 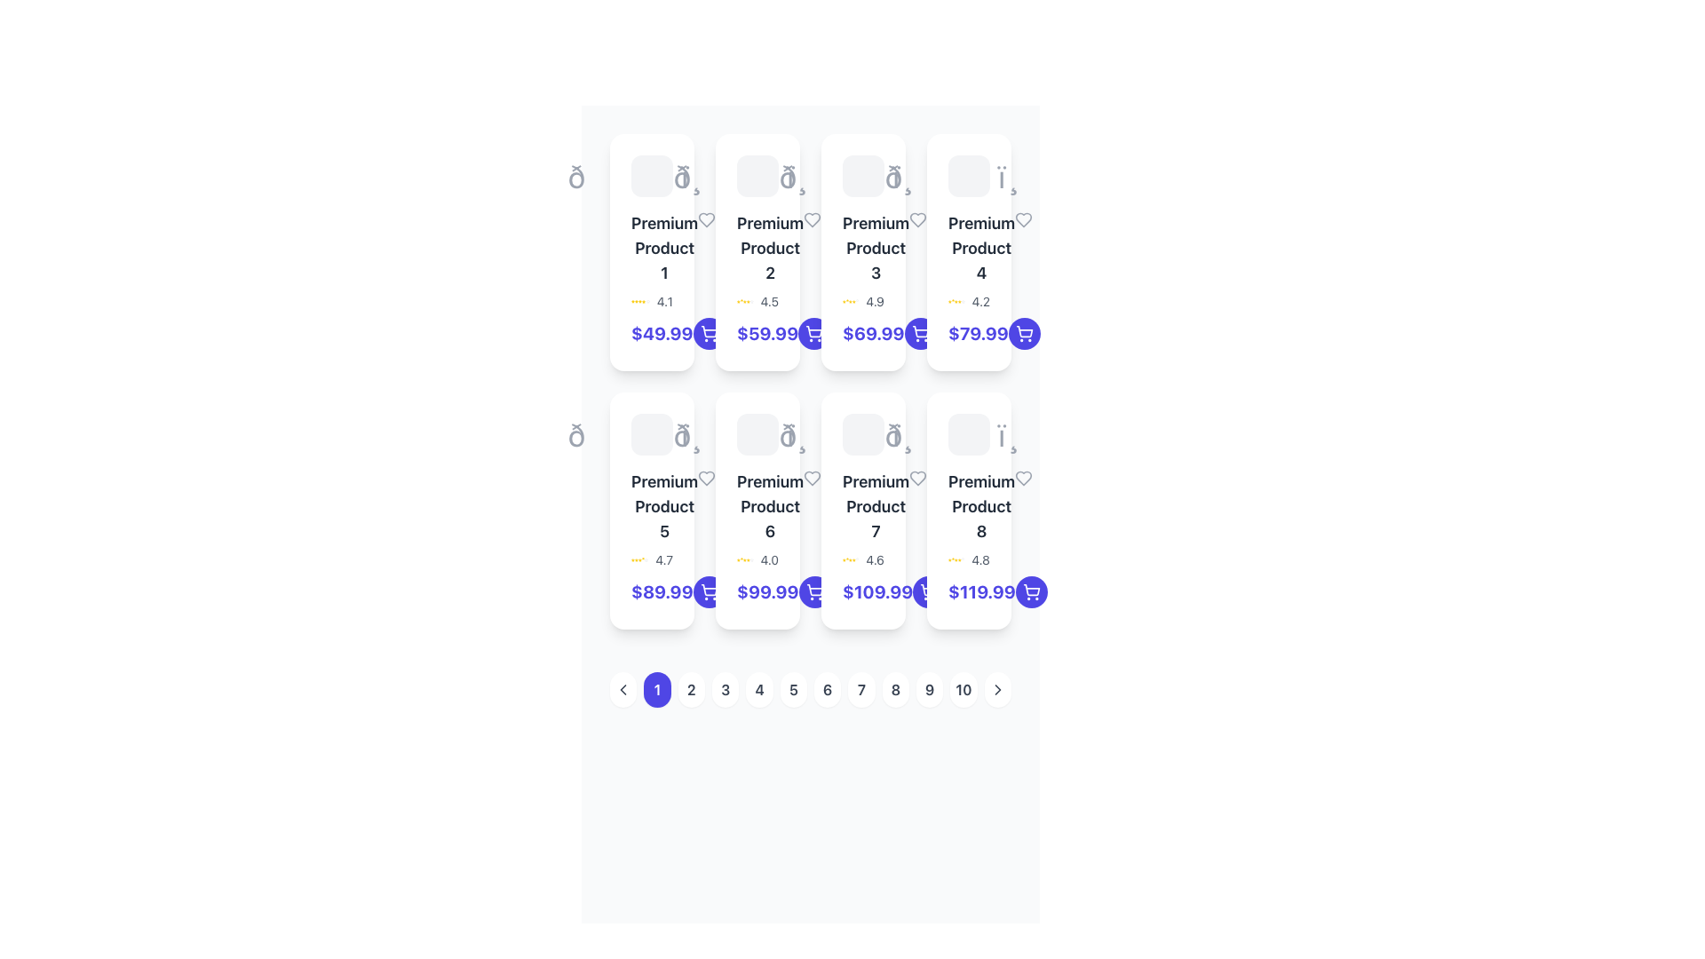 What do you see at coordinates (757, 300) in the screenshot?
I see `rating value displayed in the star rating component of the 'Premium Product 2' card, which shows '4.5' next to the yellow stars` at bounding box center [757, 300].